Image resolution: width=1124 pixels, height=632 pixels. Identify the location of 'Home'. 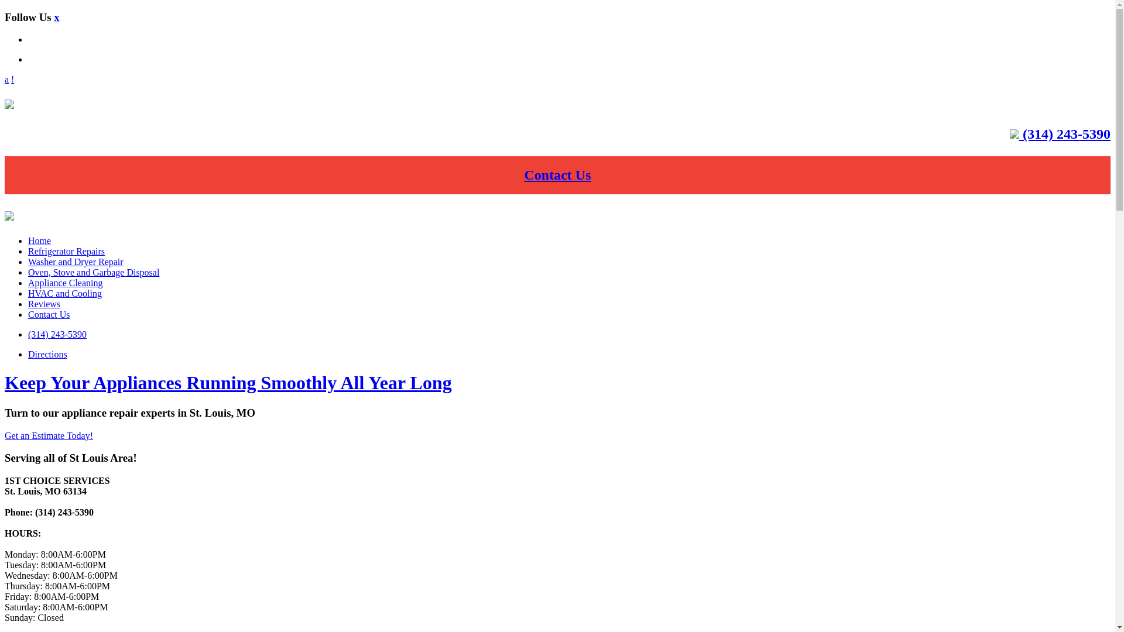
(39, 240).